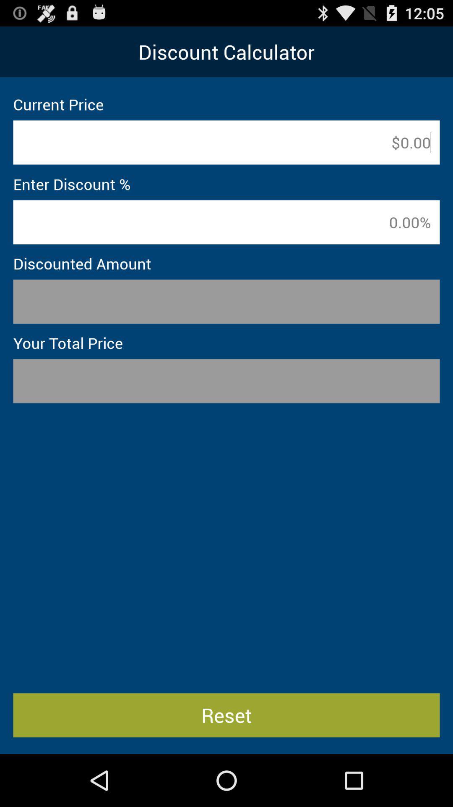 The image size is (453, 807). Describe the element at coordinates (226, 715) in the screenshot. I see `the reset` at that location.